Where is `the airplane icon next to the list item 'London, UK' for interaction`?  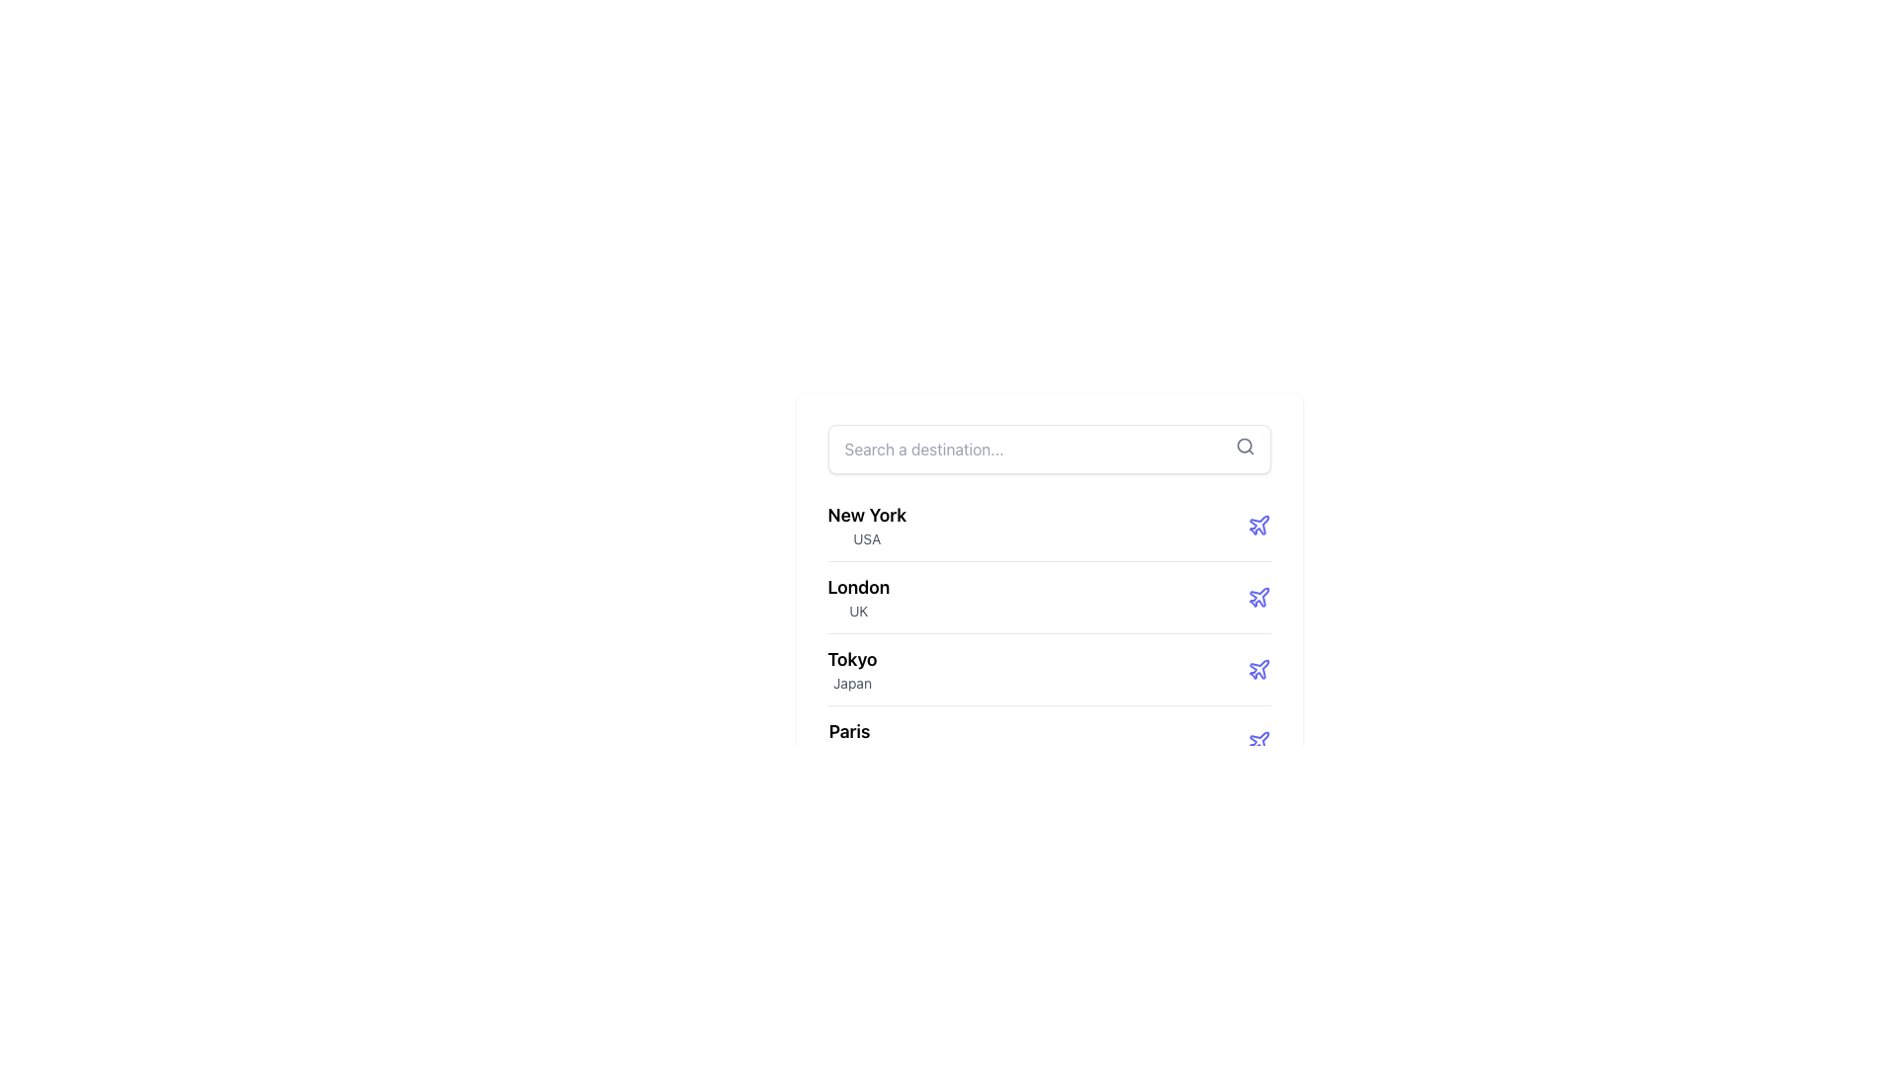
the airplane icon next to the list item 'London, UK' for interaction is located at coordinates (1257, 596).